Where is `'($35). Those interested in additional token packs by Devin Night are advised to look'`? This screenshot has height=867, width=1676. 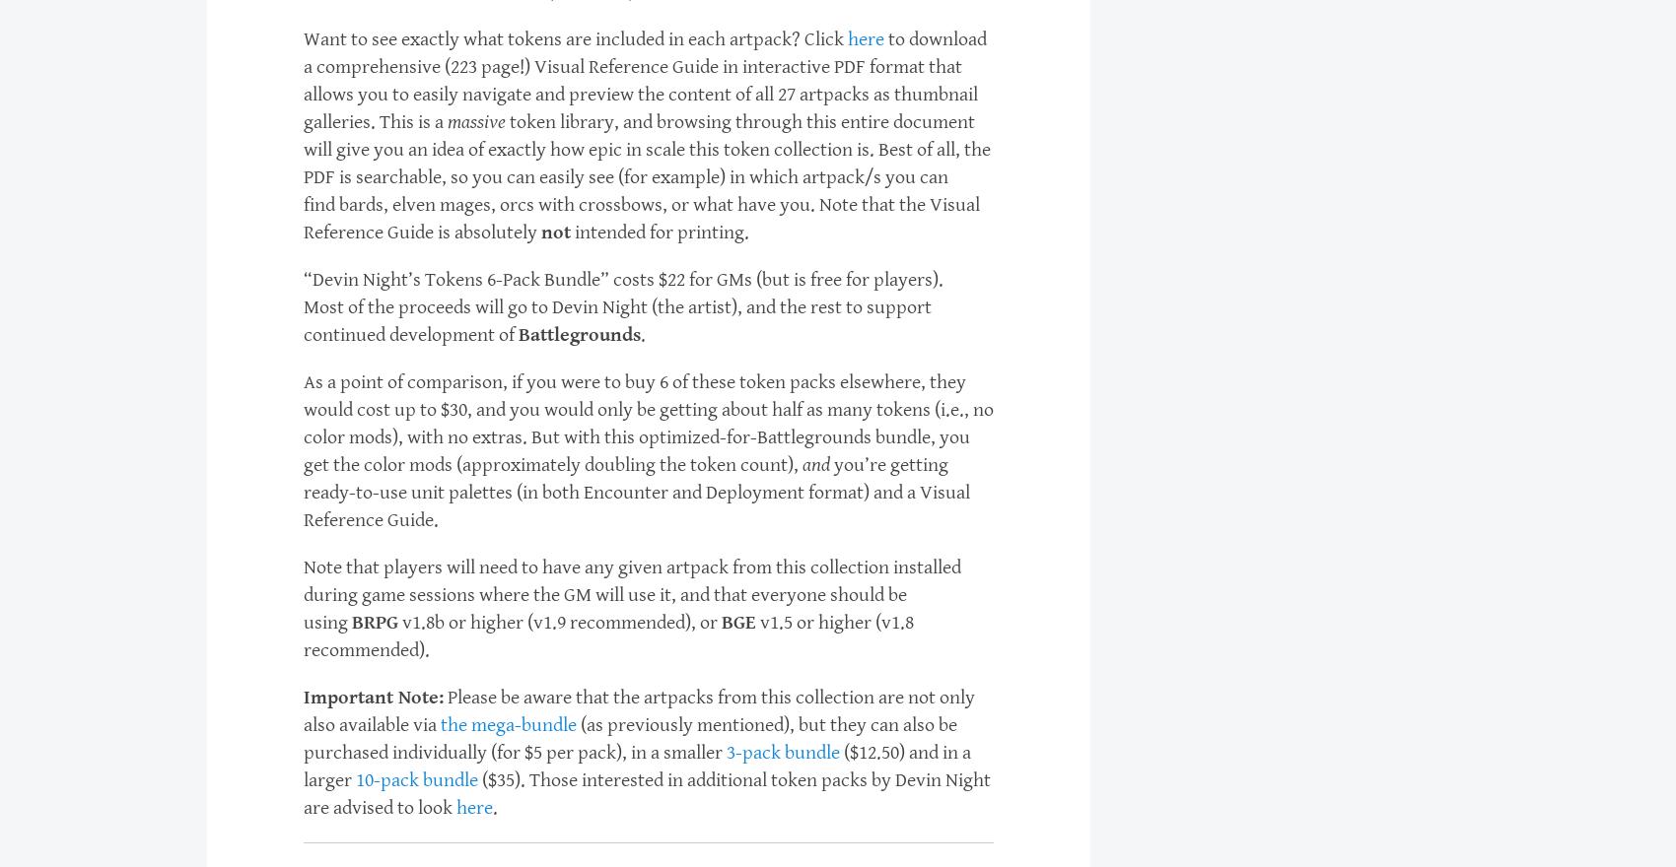
'($35). Those interested in additional token packs by Devin Night are advised to look' is located at coordinates (647, 794).